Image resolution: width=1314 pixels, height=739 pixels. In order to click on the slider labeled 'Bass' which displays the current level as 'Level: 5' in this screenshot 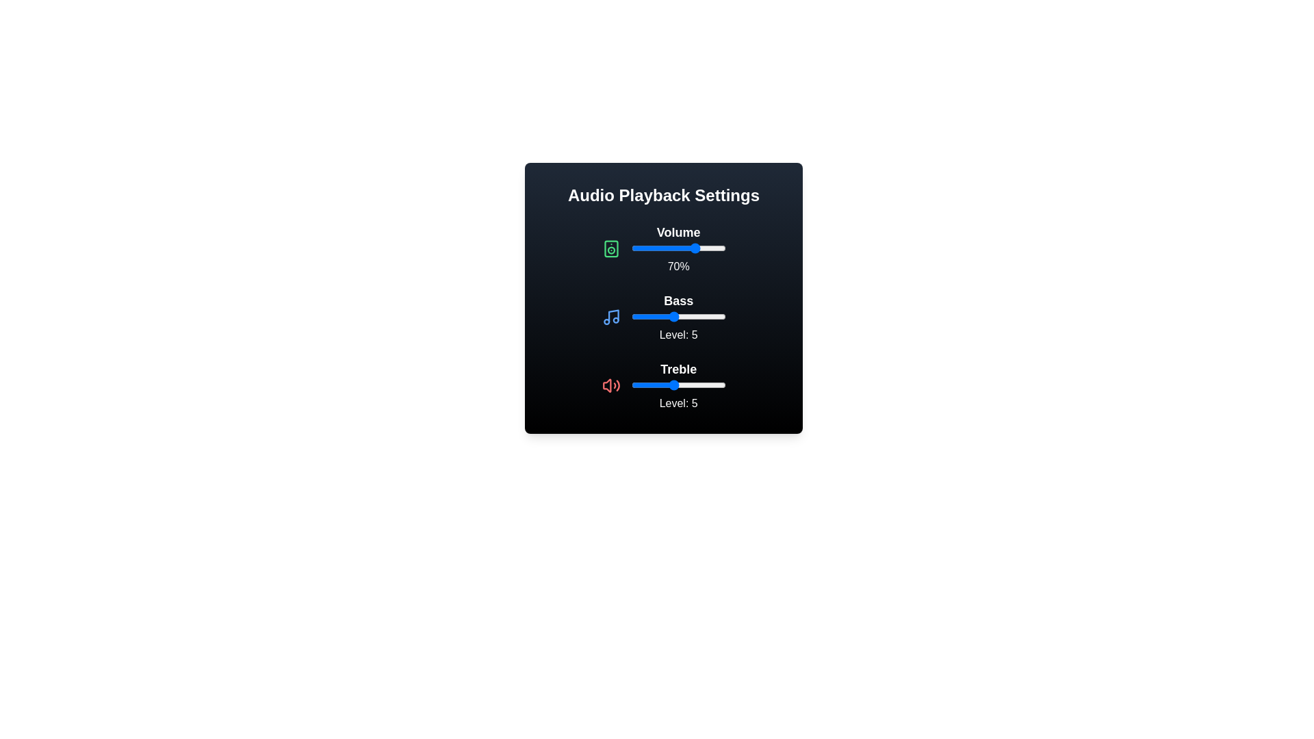, I will do `click(678, 317)`.